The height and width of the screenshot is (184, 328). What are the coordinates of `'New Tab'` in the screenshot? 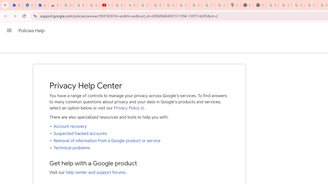 It's located at (247, 5).